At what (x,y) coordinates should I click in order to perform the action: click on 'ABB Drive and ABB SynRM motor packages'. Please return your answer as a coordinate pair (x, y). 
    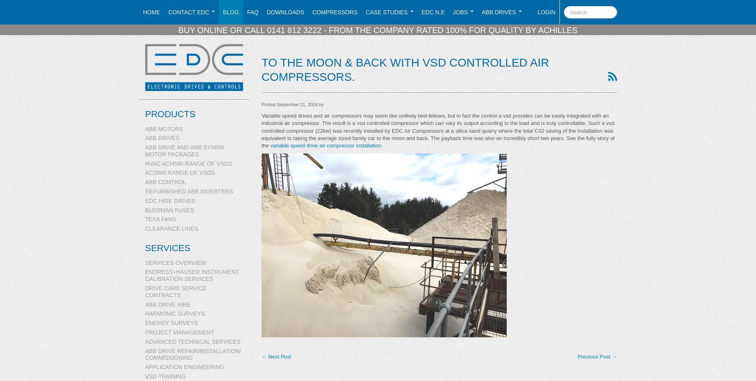
    Looking at the image, I should click on (184, 151).